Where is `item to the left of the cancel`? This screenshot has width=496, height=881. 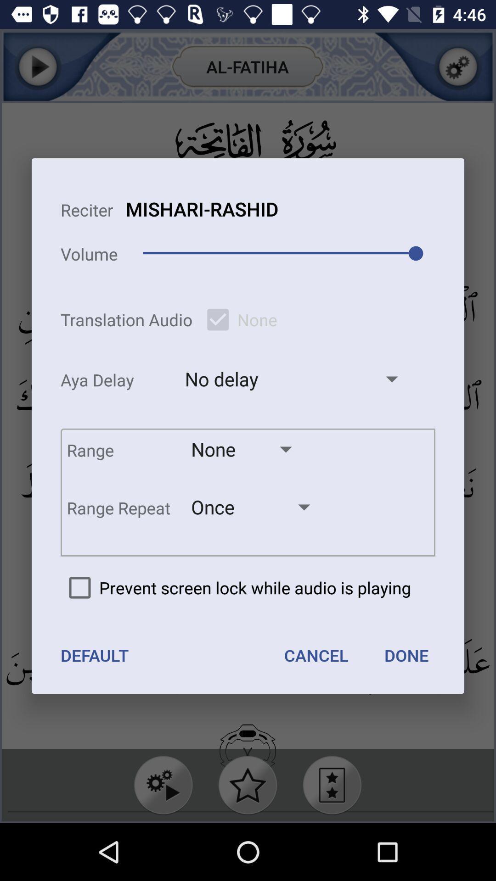 item to the left of the cancel is located at coordinates (95, 655).